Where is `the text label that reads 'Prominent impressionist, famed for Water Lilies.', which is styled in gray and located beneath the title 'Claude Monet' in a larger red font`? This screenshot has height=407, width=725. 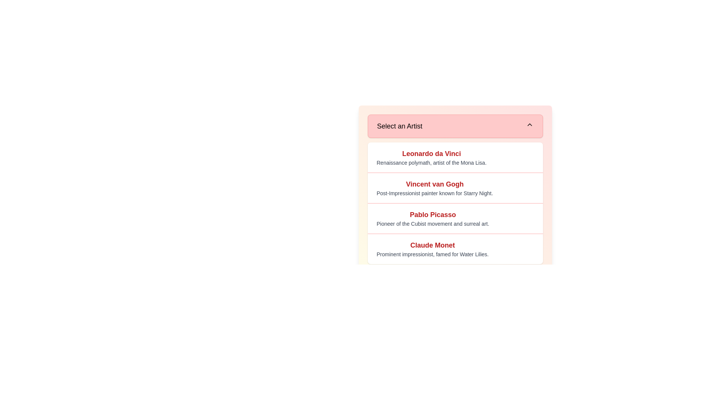 the text label that reads 'Prominent impressionist, famed for Water Lilies.', which is styled in gray and located beneath the title 'Claude Monet' in a larger red font is located at coordinates (432, 254).